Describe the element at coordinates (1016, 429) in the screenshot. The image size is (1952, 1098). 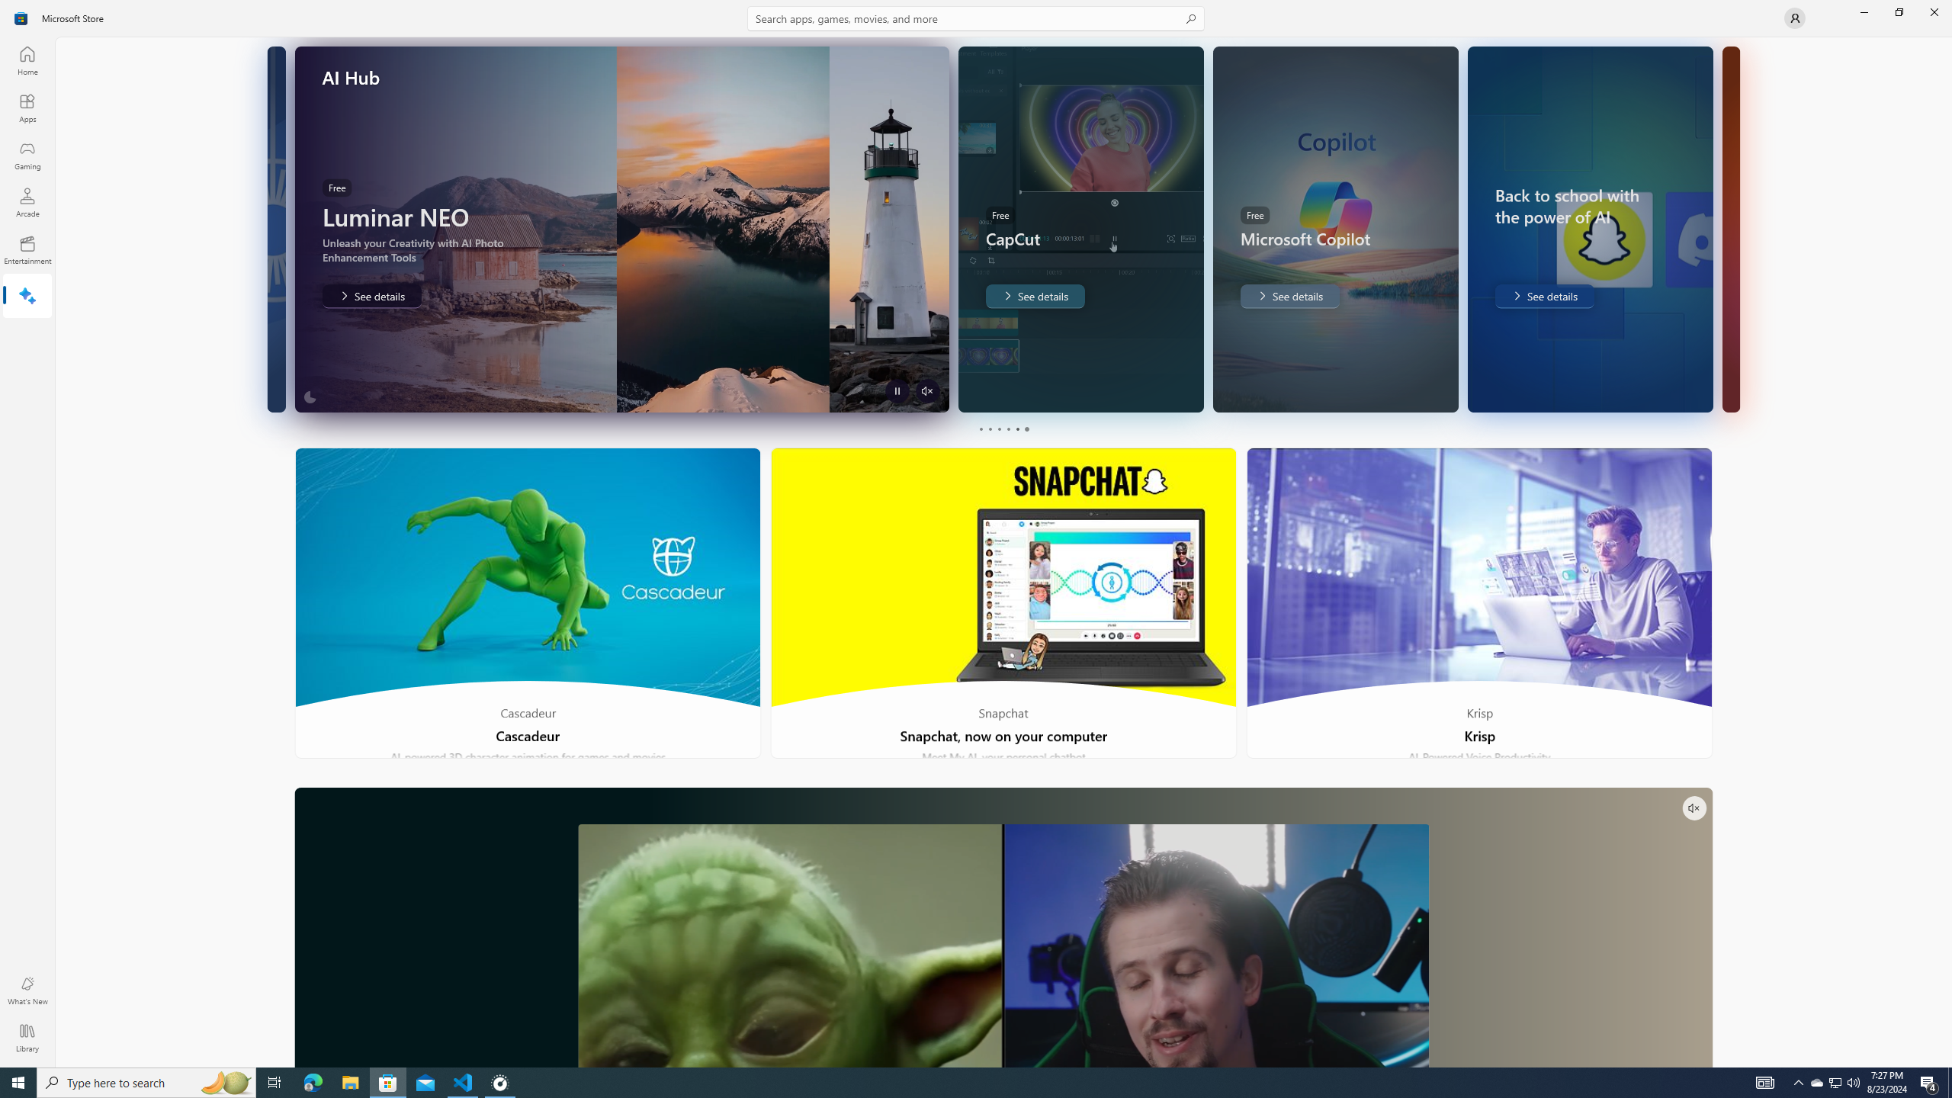
I see `'Page 5'` at that location.